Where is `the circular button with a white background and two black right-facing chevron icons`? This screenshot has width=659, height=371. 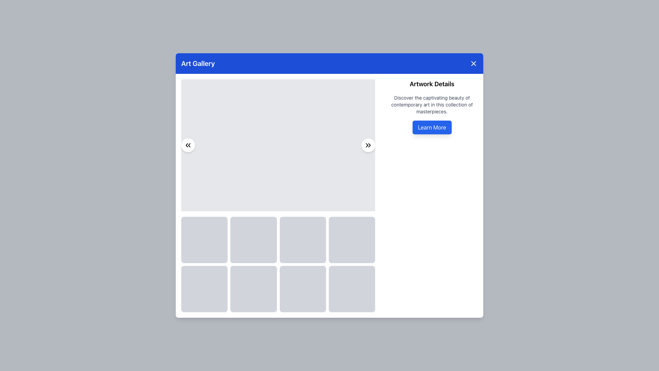 the circular button with a white background and two black right-facing chevron icons is located at coordinates (368, 145).